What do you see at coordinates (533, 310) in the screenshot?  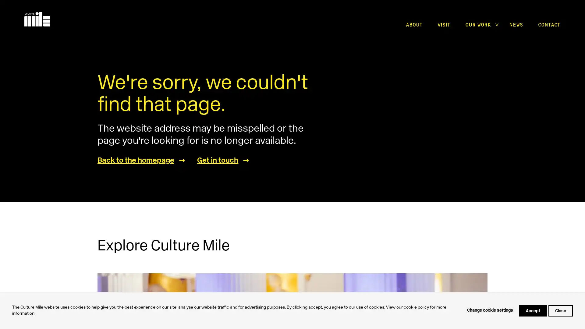 I see `Accept` at bounding box center [533, 310].